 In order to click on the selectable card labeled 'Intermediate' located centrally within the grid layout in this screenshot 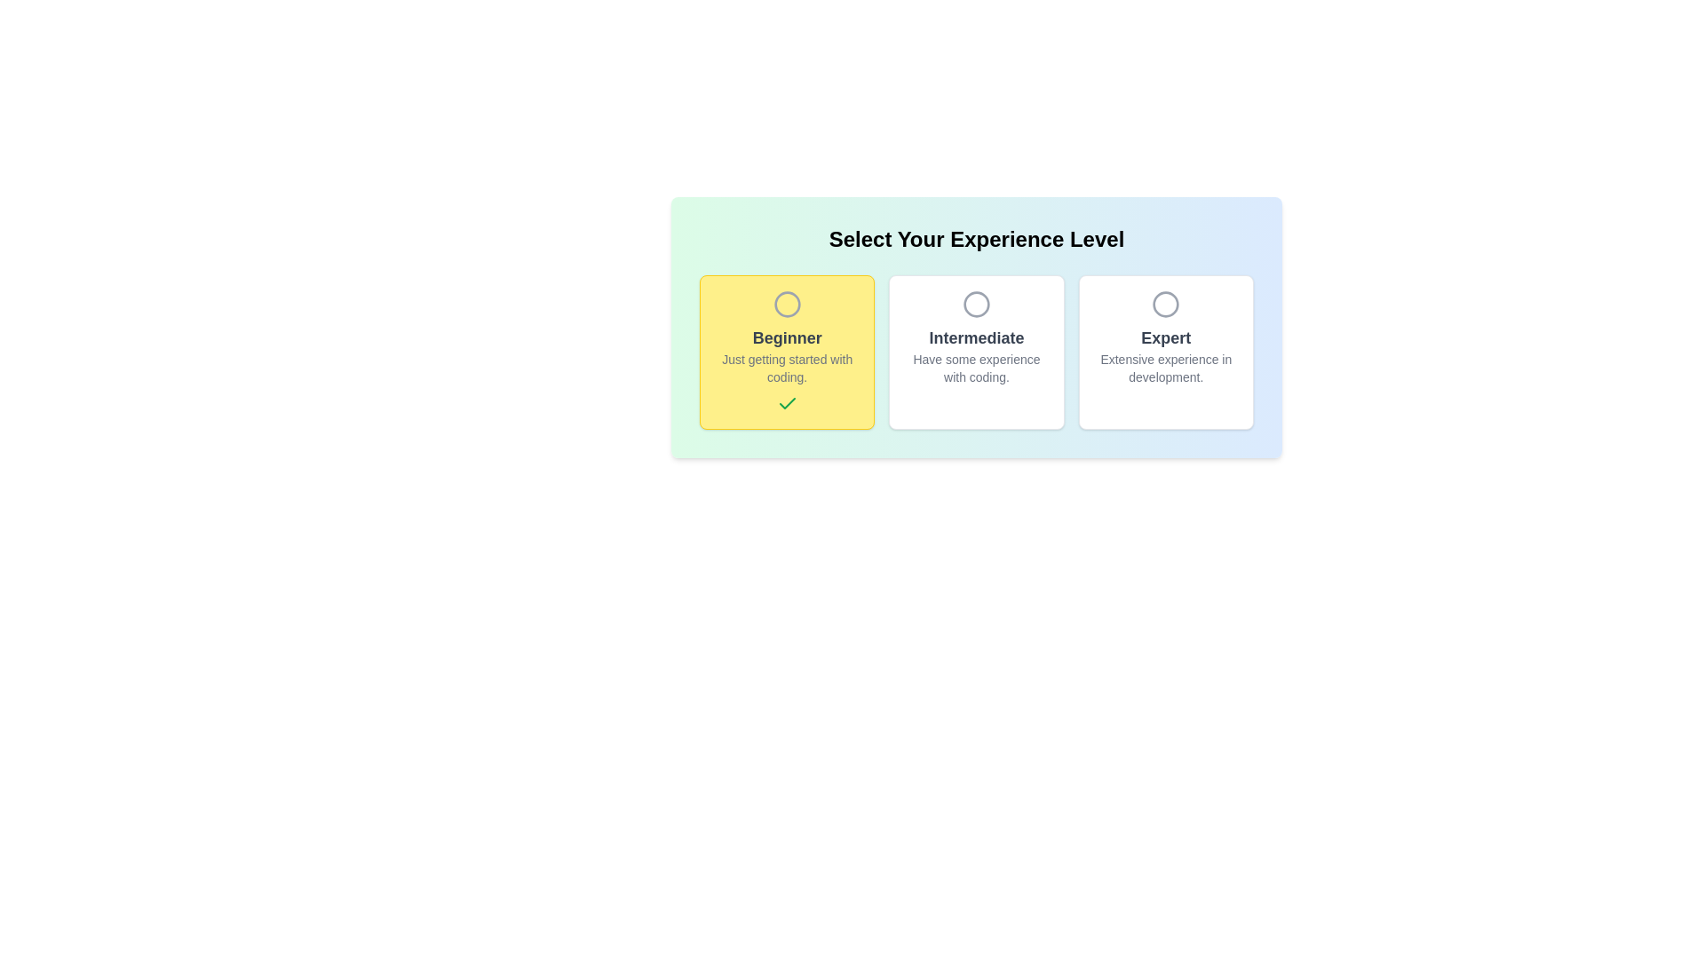, I will do `click(975, 353)`.